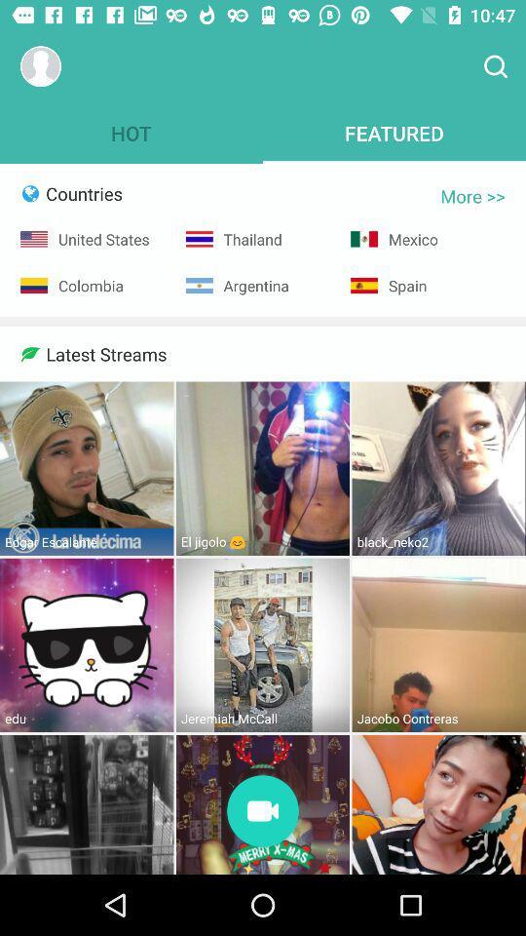 The image size is (526, 936). What do you see at coordinates (471, 196) in the screenshot?
I see `item below featured icon` at bounding box center [471, 196].